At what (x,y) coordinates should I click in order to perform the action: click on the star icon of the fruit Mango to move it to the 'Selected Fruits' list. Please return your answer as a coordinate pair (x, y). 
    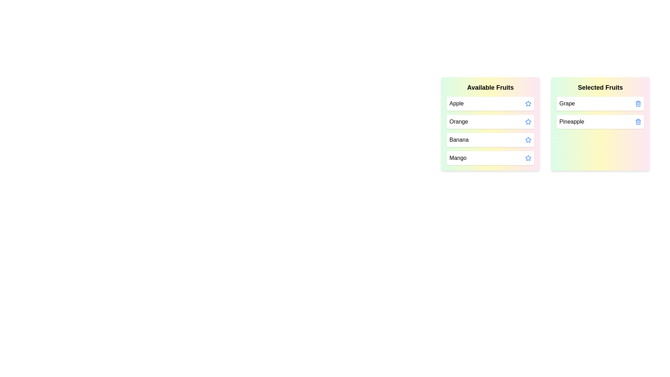
    Looking at the image, I should click on (528, 158).